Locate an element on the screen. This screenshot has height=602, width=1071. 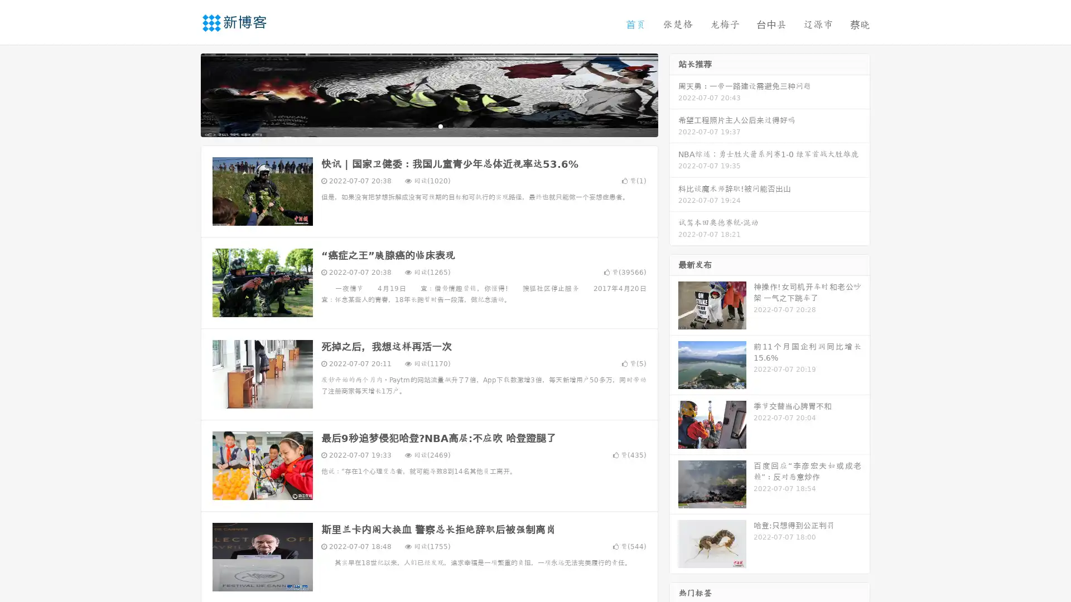
Go to slide 3 is located at coordinates (440, 125).